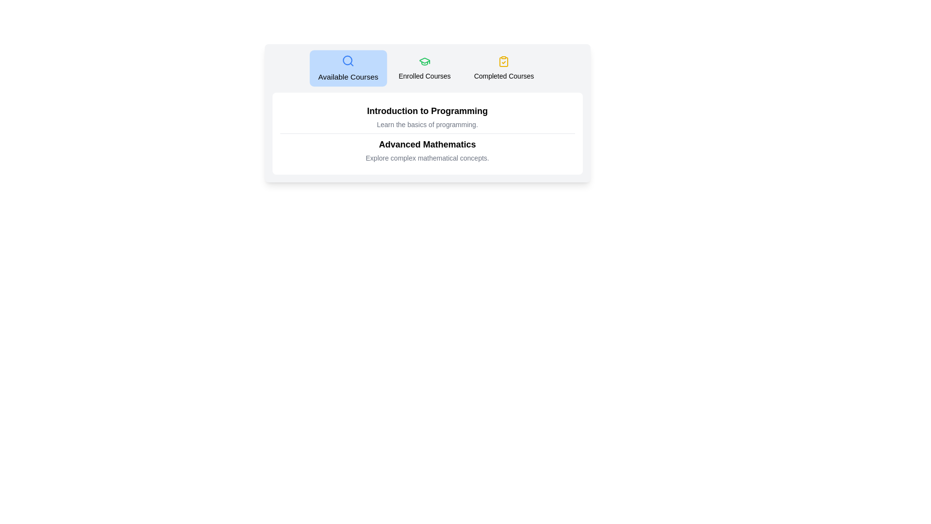 The image size is (931, 524). What do you see at coordinates (427, 110) in the screenshot?
I see `the course titled Introduction to Programming from the active tab` at bounding box center [427, 110].